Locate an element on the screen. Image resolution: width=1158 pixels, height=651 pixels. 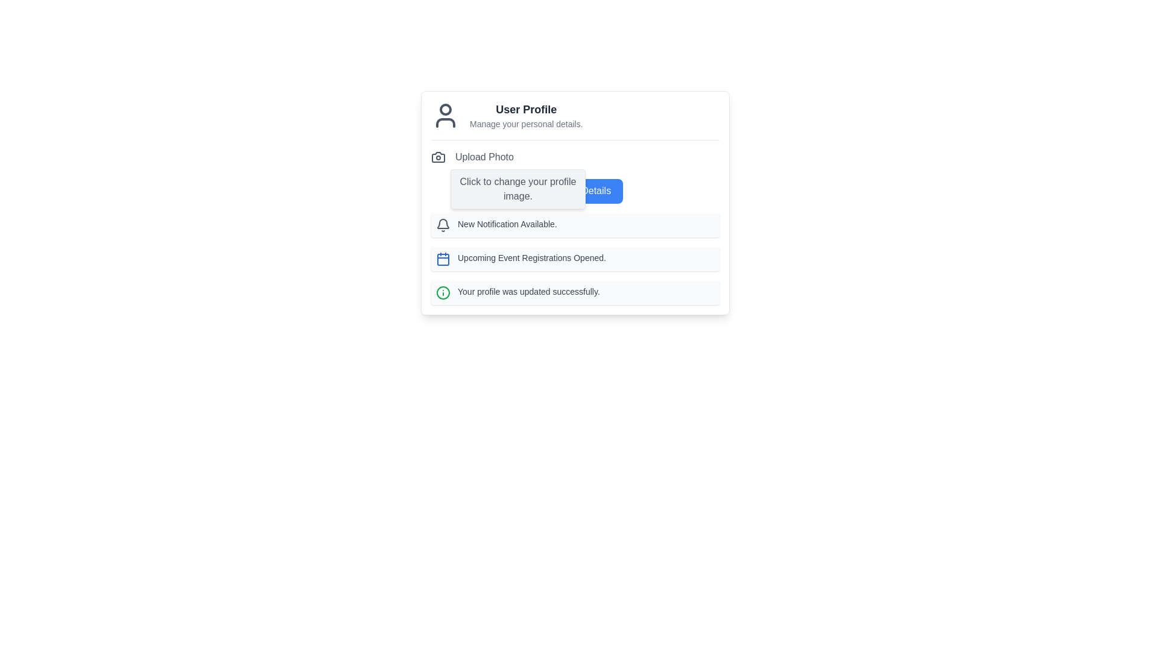
the upcoming event notification icon located in the user profile interface, which precedes the text 'Upcoming Event Registrations Opened.' is located at coordinates (442, 257).